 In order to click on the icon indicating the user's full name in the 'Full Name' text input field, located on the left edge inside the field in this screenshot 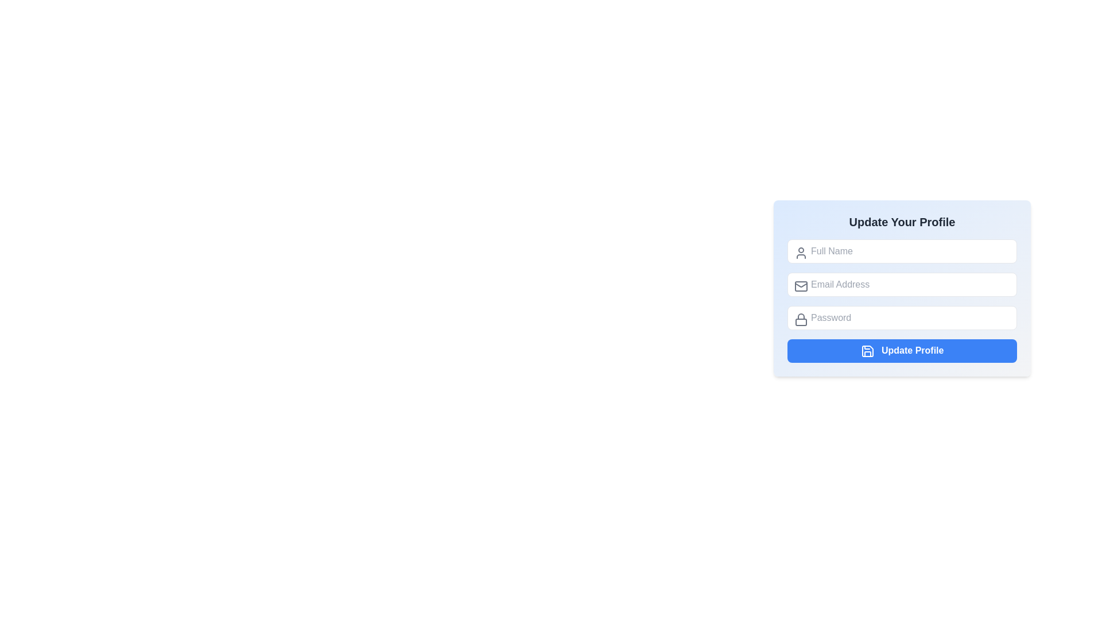, I will do `click(801, 252)`.